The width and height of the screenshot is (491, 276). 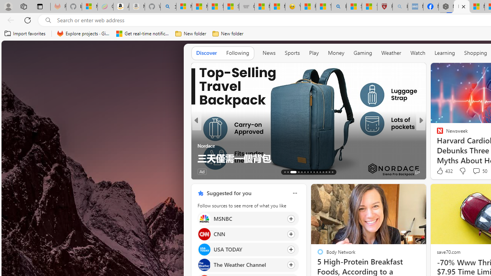 What do you see at coordinates (227, 33) in the screenshot?
I see `'New folder'` at bounding box center [227, 33].